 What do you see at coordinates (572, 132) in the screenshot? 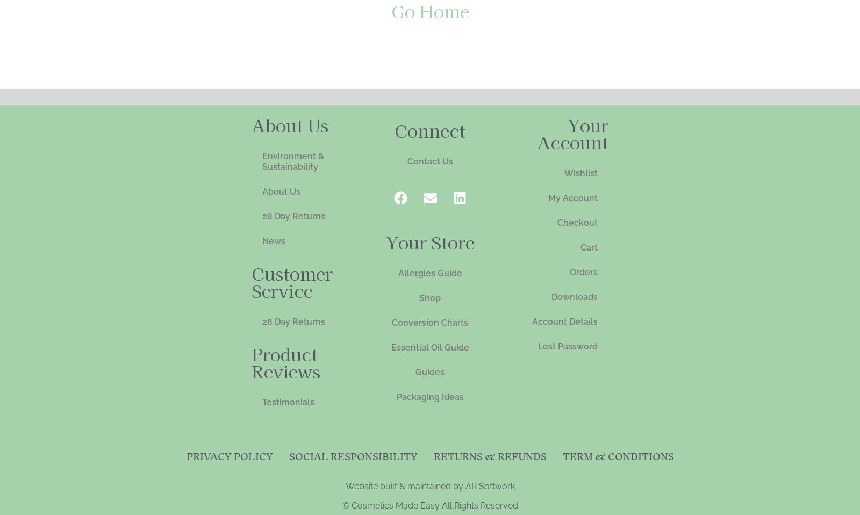
I see `'Your Account'` at bounding box center [572, 132].